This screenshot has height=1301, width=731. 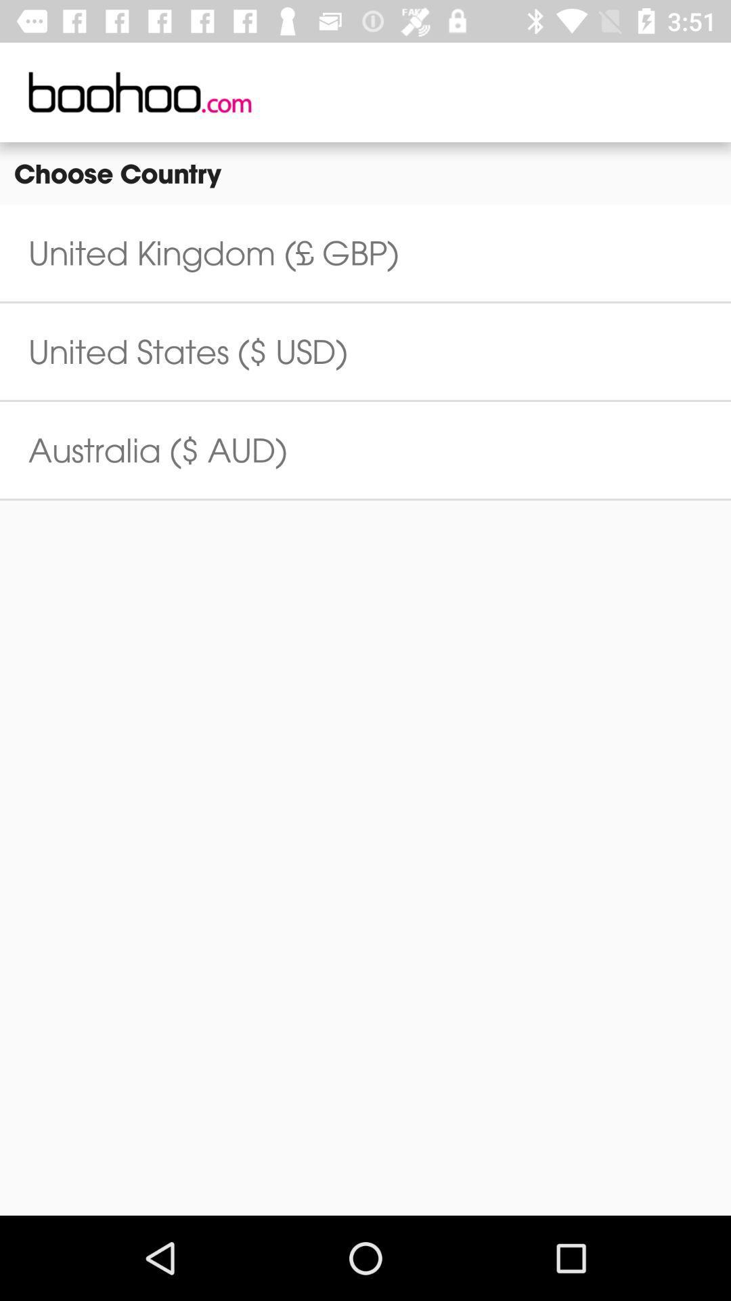 I want to click on the australia ($ aud), so click(x=157, y=450).